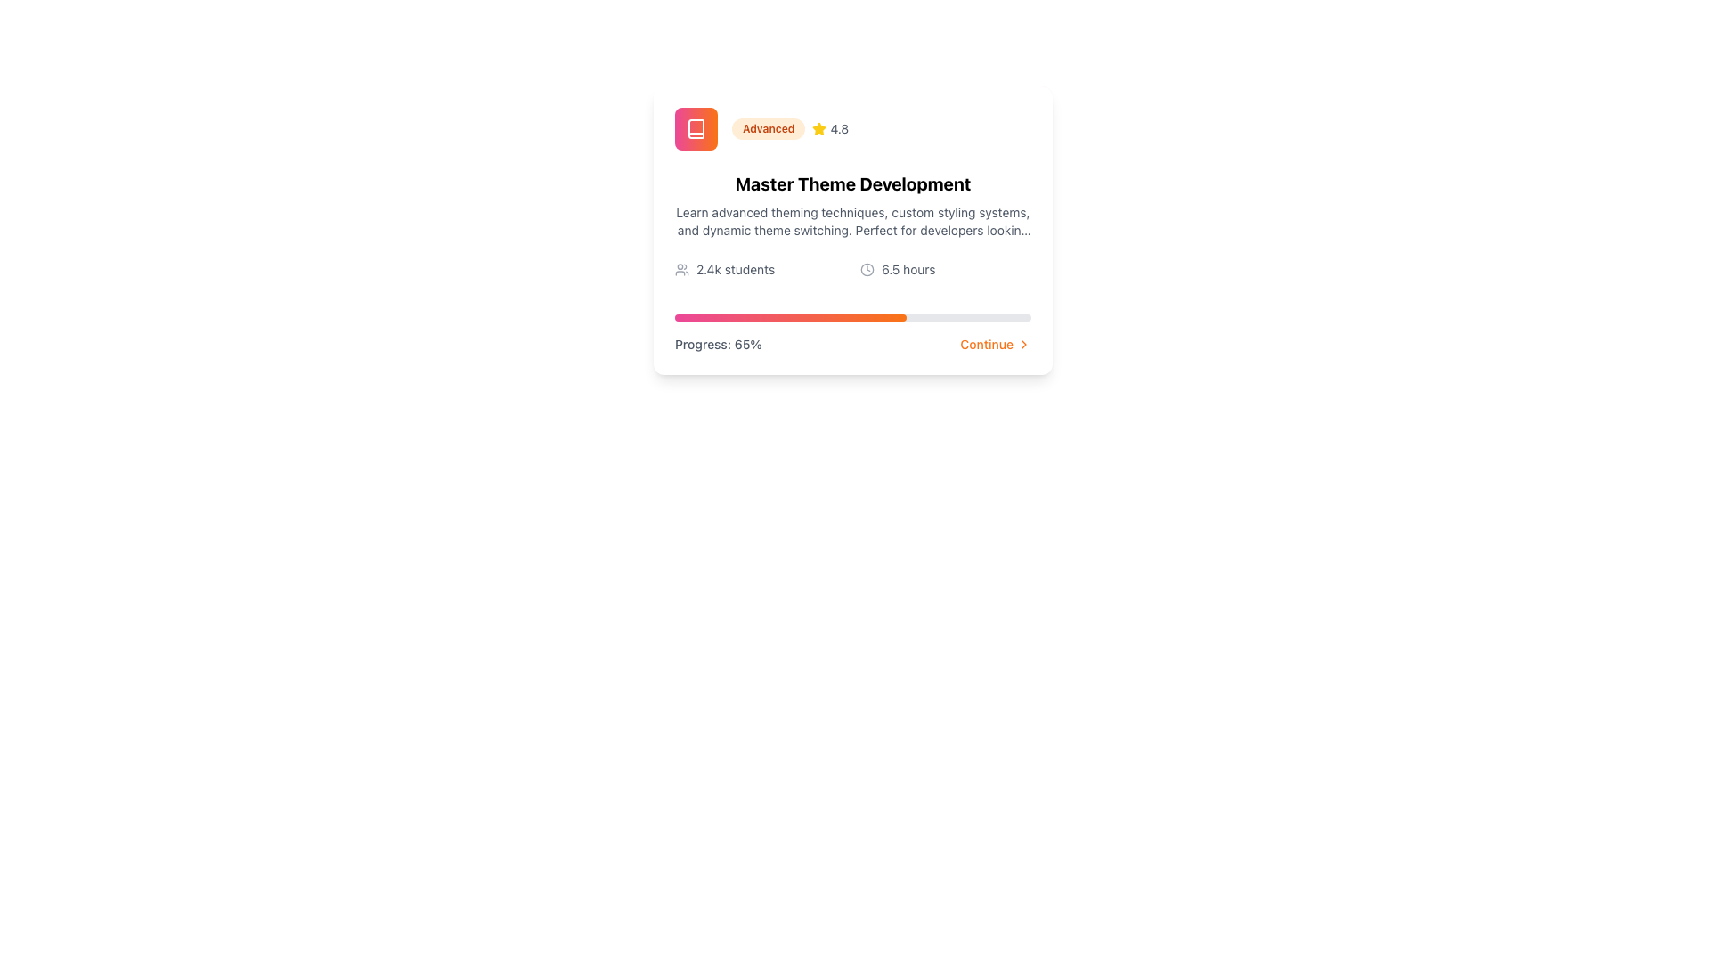 This screenshot has width=1710, height=962. Describe the element at coordinates (852, 184) in the screenshot. I see `the central heading text element for the development course, positioned below the 'Advanced 4.8' rating section` at that location.